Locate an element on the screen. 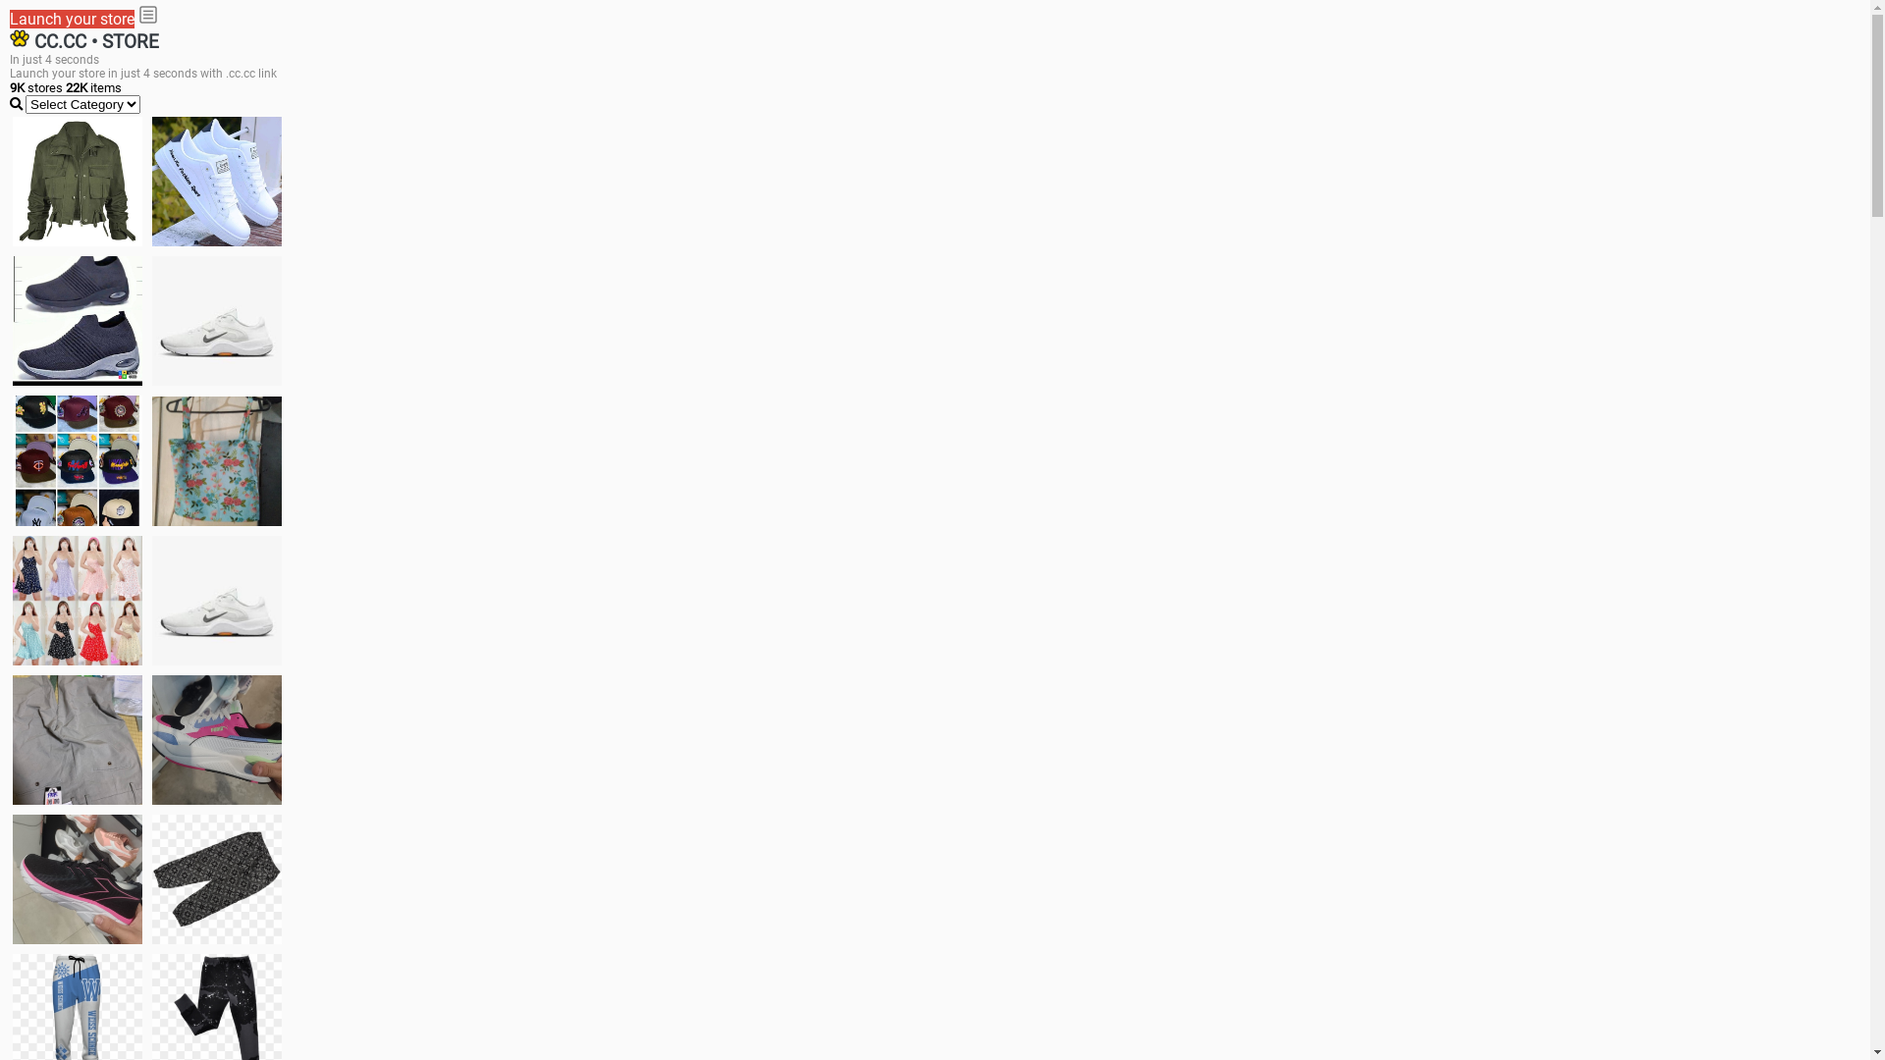 The height and width of the screenshot is (1060, 1885). 'shoes for boys' is located at coordinates (77, 320).